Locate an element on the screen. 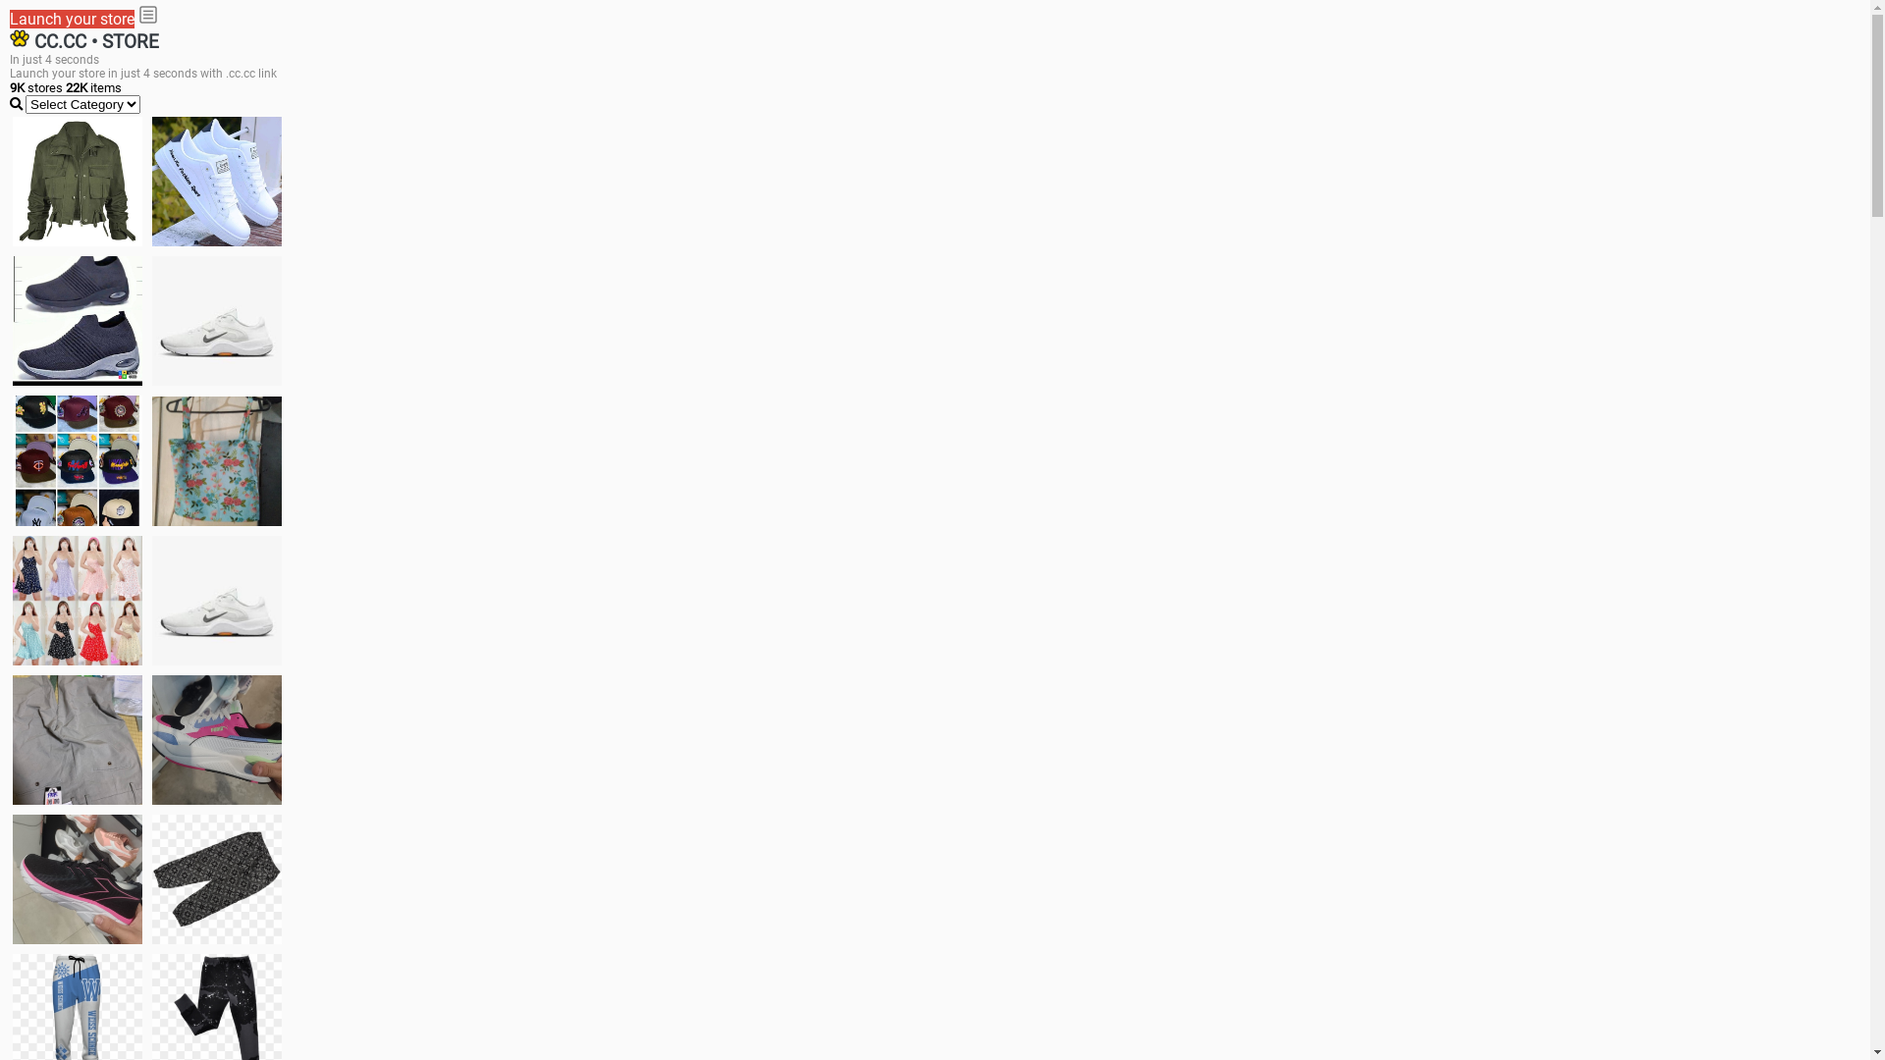 The height and width of the screenshot is (1060, 1885). 'shoes for boys' is located at coordinates (77, 320).